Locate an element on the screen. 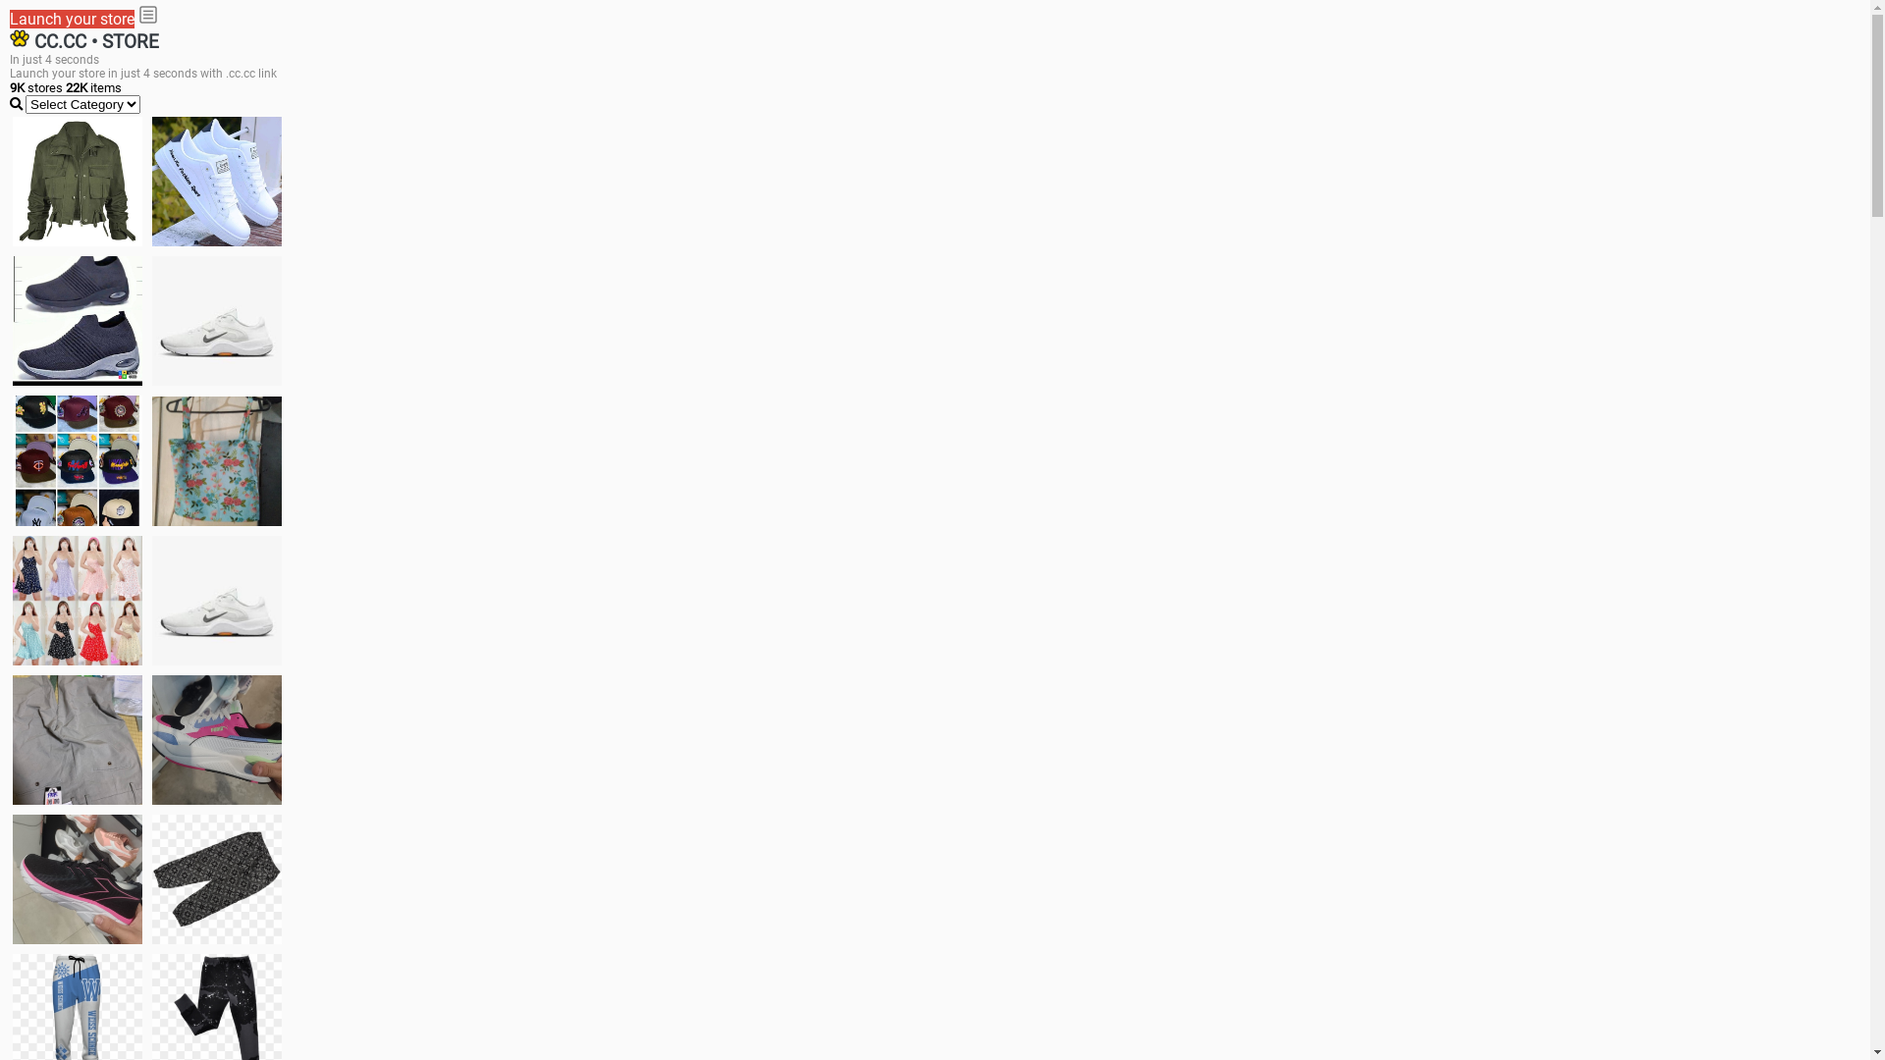 The height and width of the screenshot is (1060, 1885). 'shoes for boys' is located at coordinates (77, 320).